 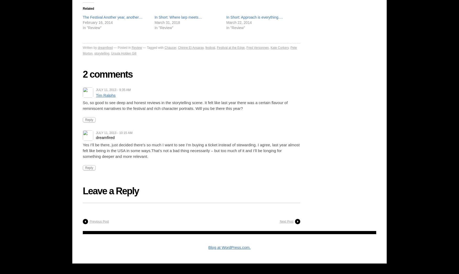 What do you see at coordinates (113, 90) in the screenshot?
I see `'July 11, 2013 - 9:35 am'` at bounding box center [113, 90].